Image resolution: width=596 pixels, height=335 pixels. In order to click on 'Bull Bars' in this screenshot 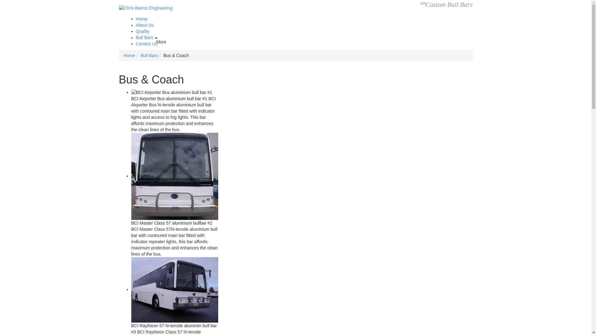, I will do `click(135, 37)`.